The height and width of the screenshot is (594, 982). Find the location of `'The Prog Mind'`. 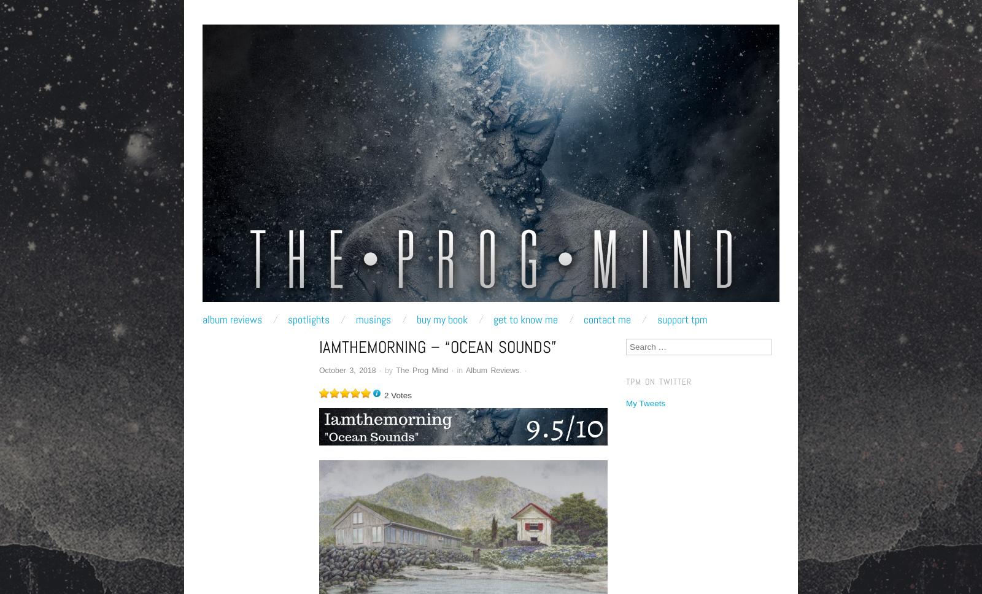

'The Prog Mind' is located at coordinates (422, 369).